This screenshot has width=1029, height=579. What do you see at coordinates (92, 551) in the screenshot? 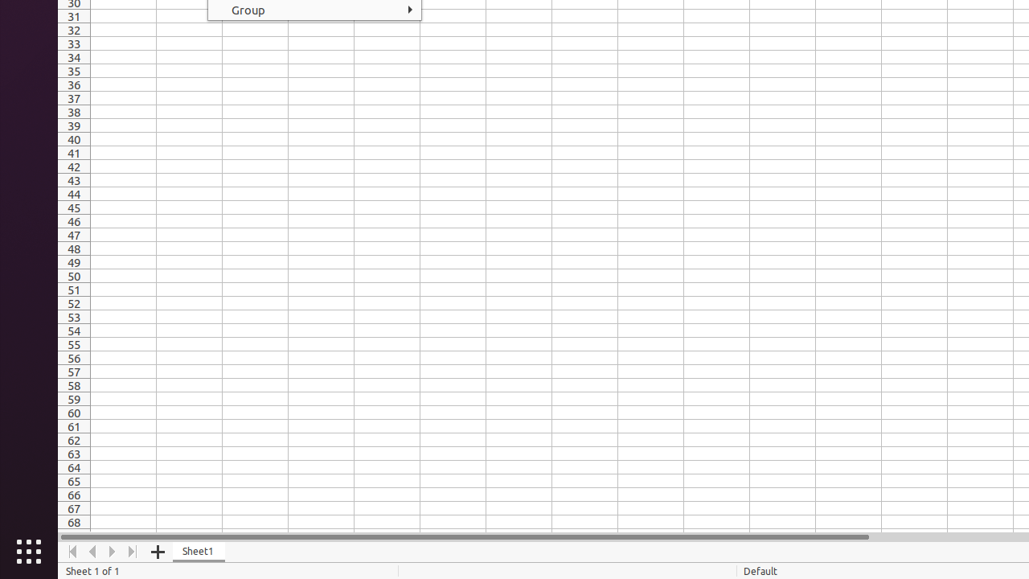
I see `'Move Left'` at bounding box center [92, 551].